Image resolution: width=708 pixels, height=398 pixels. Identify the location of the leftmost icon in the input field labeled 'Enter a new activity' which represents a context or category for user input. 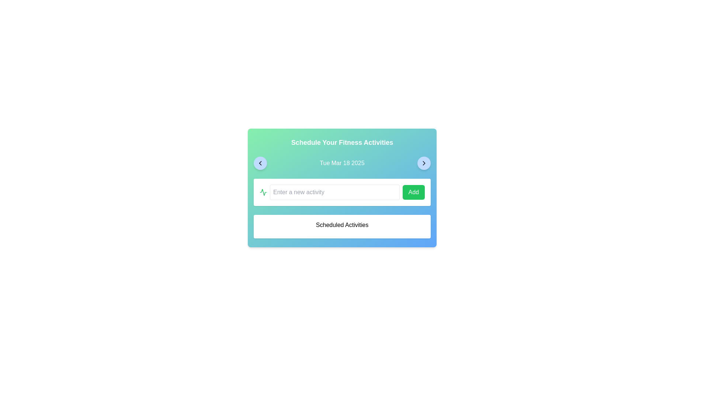
(263, 192).